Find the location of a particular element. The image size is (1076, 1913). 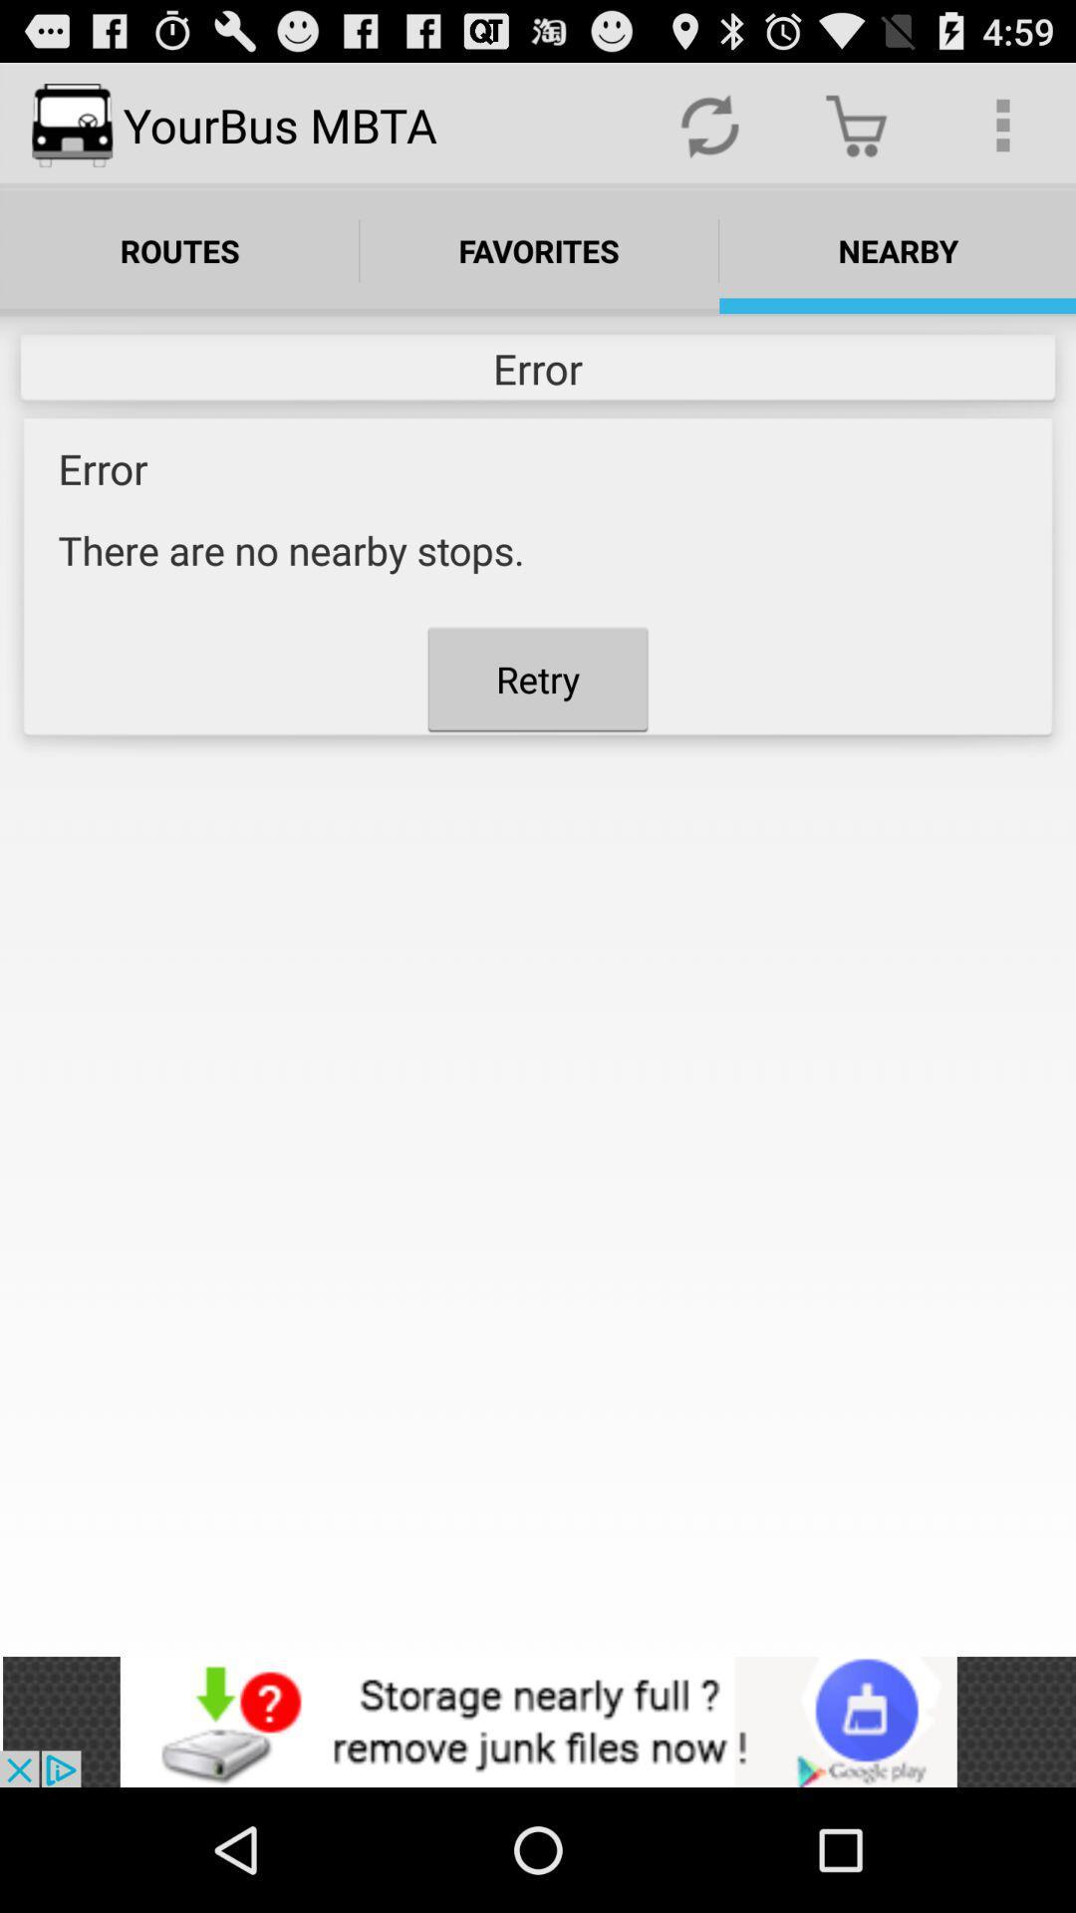

advertisement is located at coordinates (538, 1721).